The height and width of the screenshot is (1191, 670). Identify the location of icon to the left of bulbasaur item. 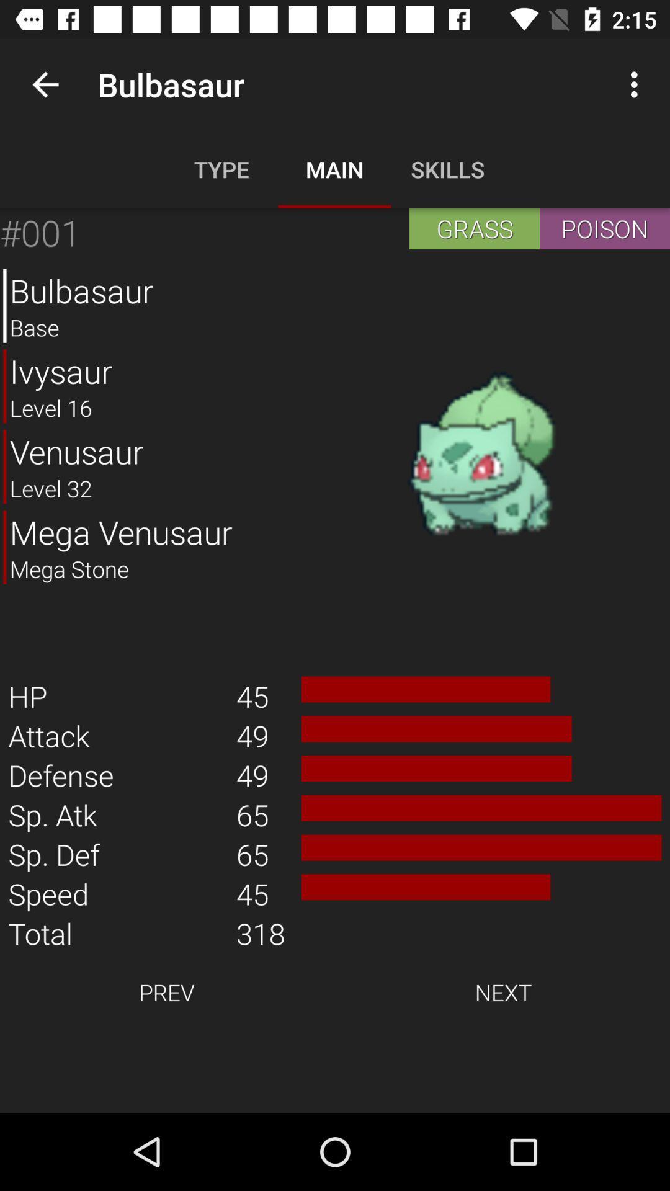
(45, 84).